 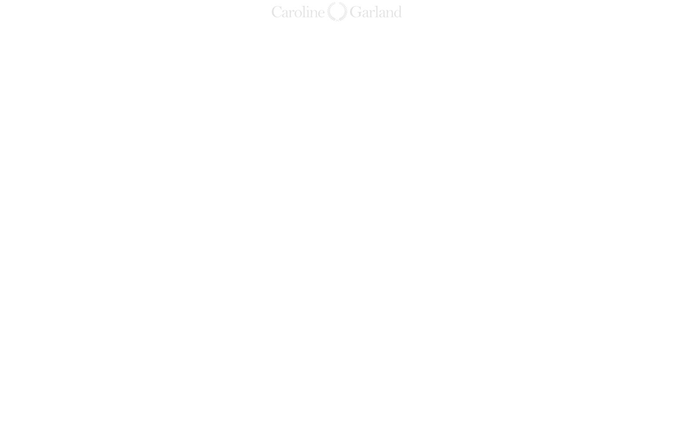 What do you see at coordinates (527, 160) in the screenshot?
I see `'bulksteroid'` at bounding box center [527, 160].